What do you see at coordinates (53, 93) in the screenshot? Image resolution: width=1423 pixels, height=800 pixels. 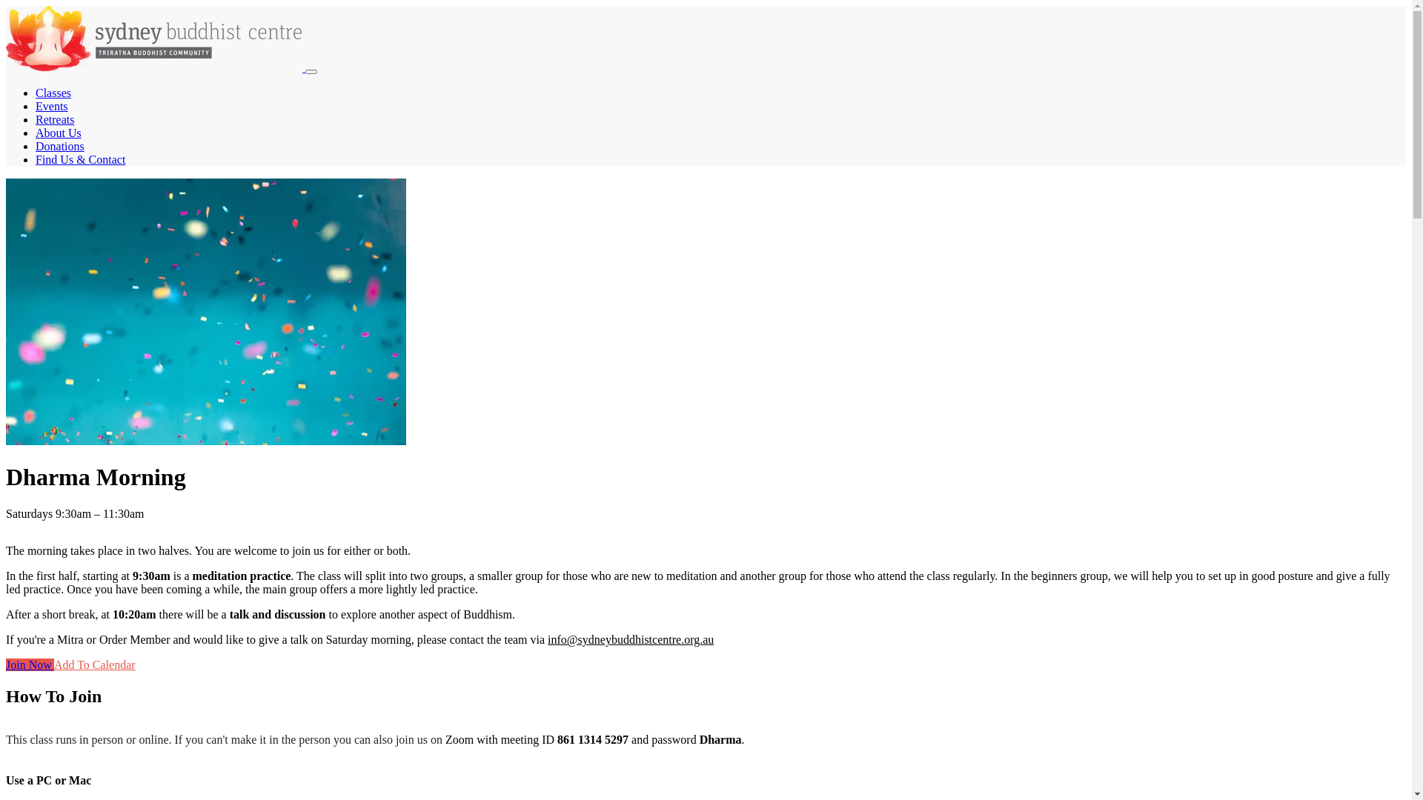 I see `'Classes'` at bounding box center [53, 93].